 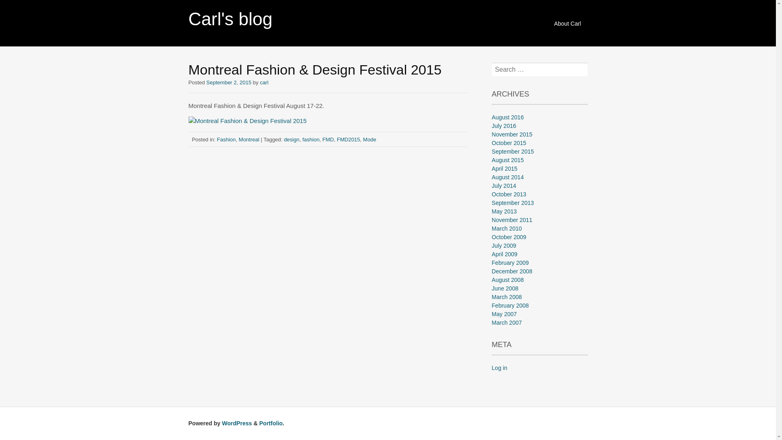 I want to click on 'December 2008', so click(x=512, y=271).